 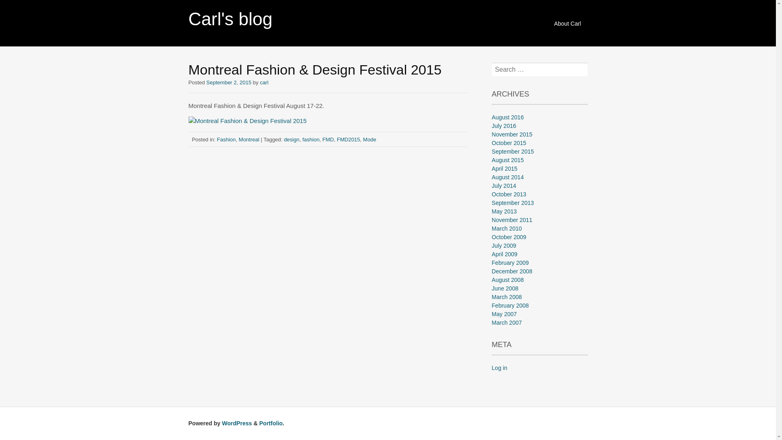 I want to click on 'December 2008', so click(x=512, y=271).